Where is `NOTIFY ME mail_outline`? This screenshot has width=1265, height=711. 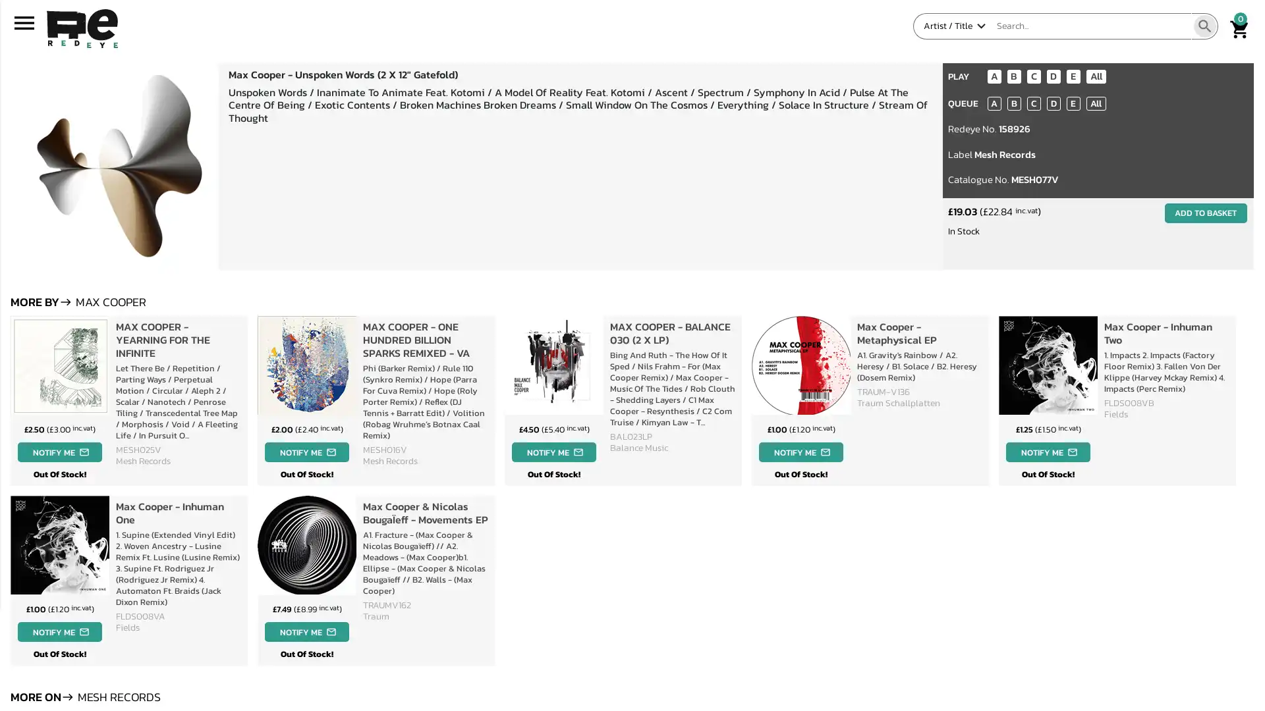 NOTIFY ME mail_outline is located at coordinates (59, 451).